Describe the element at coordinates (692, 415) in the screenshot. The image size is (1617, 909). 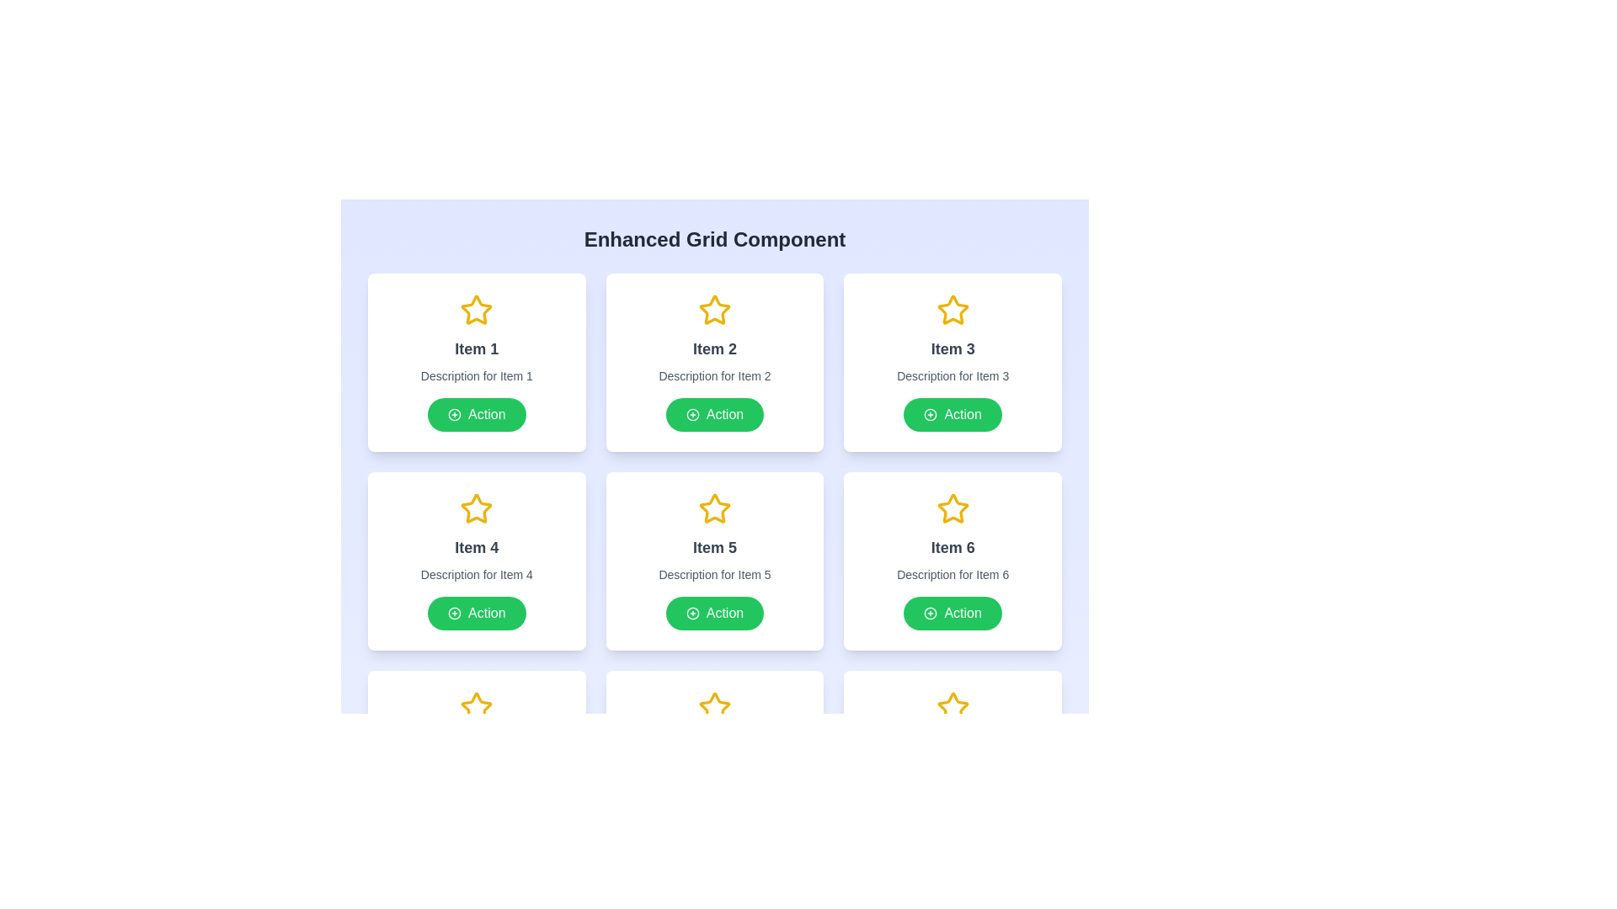
I see `the small circular icon with a plus sign located in the center of the green 'Action' button in the second card labeled 'Item 2'` at that location.